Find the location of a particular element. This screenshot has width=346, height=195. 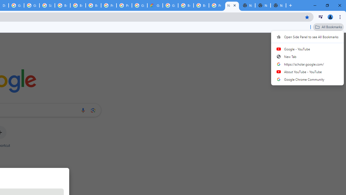

'Minimize' is located at coordinates (315, 5).